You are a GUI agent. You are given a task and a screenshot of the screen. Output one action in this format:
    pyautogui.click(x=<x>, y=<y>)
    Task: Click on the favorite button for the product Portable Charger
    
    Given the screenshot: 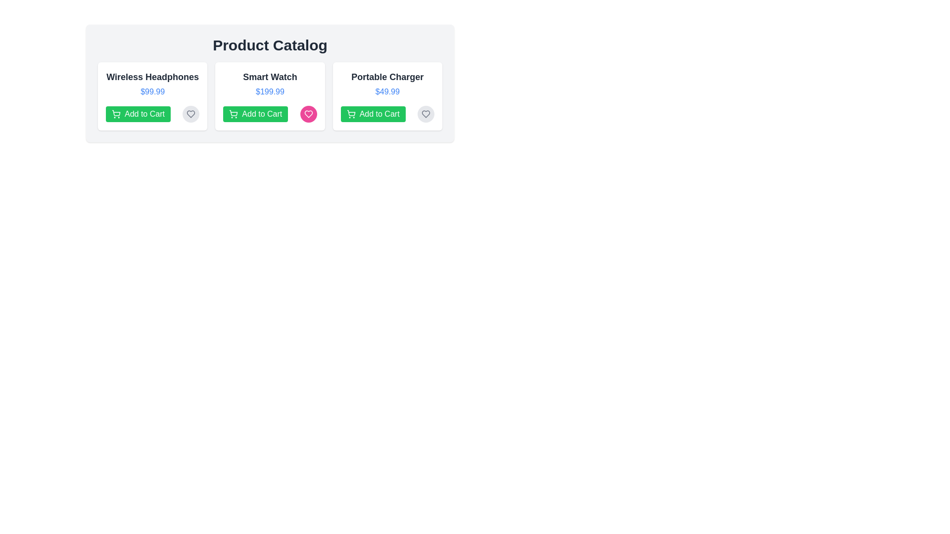 What is the action you would take?
    pyautogui.click(x=426, y=114)
    